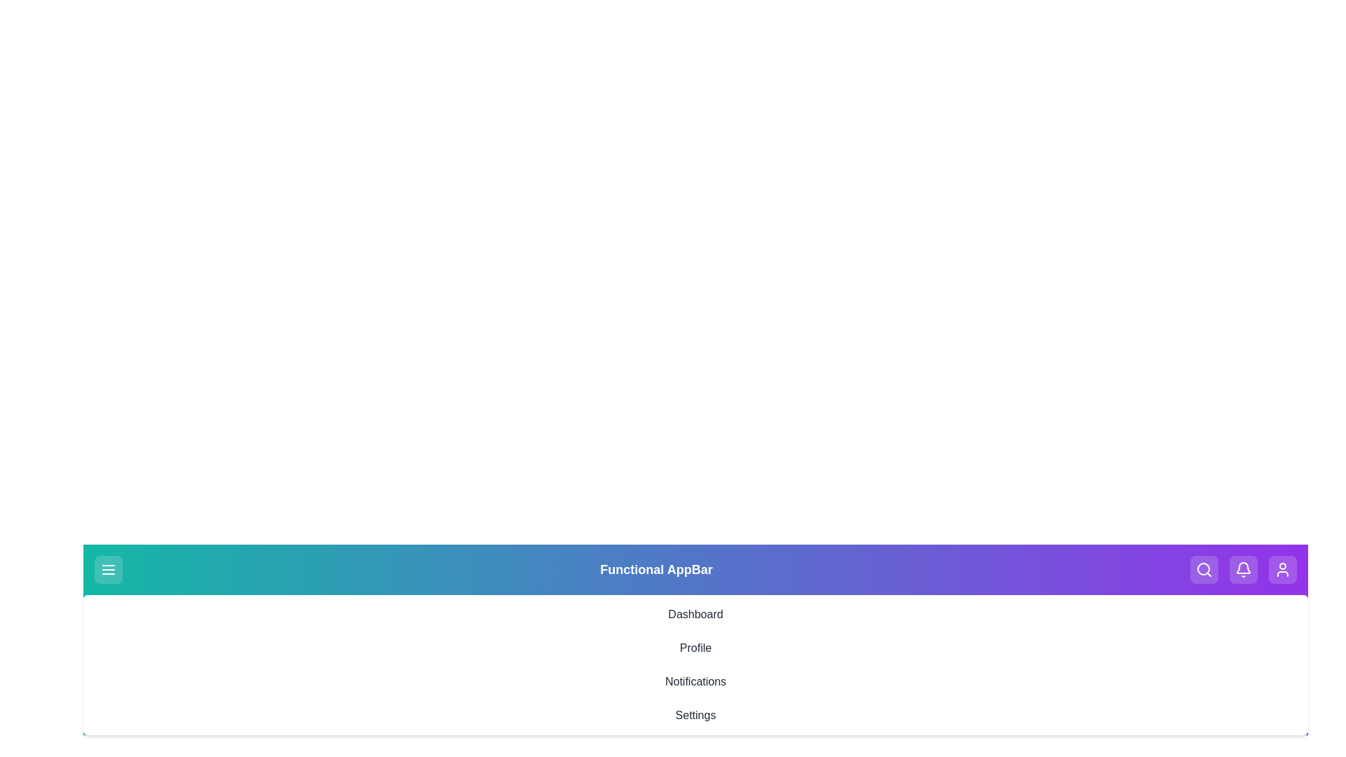 This screenshot has width=1346, height=757. I want to click on the Search button in the AppBar, so click(1204, 570).